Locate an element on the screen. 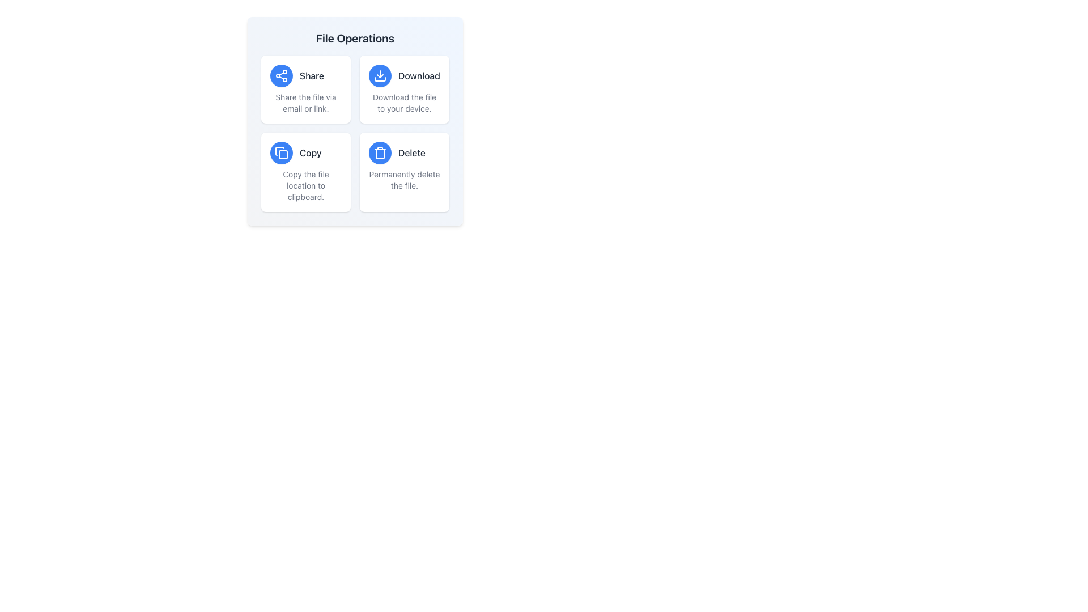  the small blue square with rounded corners that is part of the copy icon in the bottom-left quadrant of the 'File Operations' section is located at coordinates (283, 155).